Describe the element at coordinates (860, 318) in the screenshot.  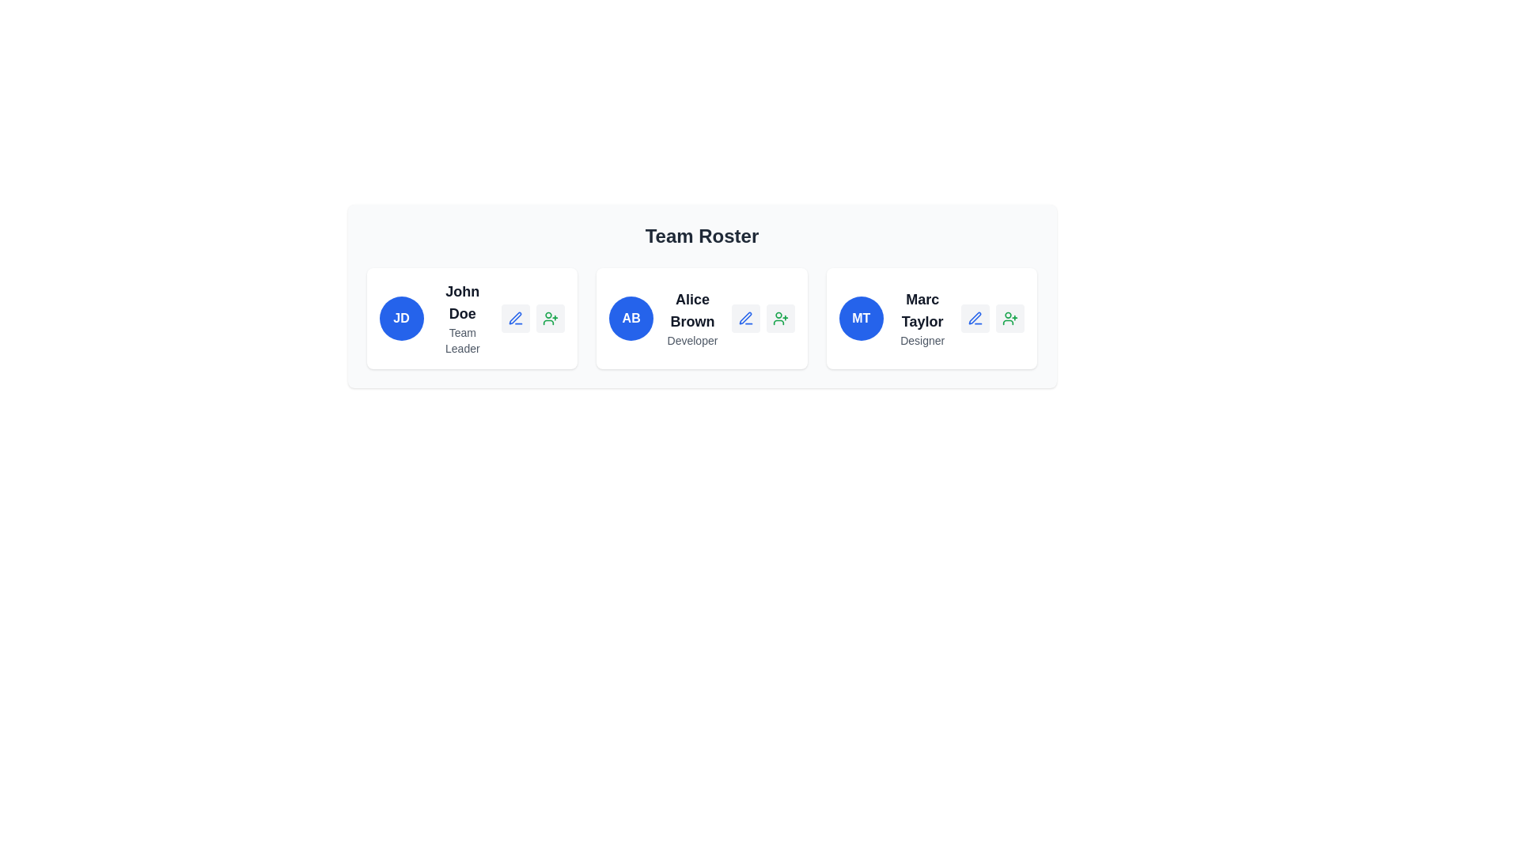
I see `the Avatar Badge for Marc Taylor, which visually represents his initials and is located to the left of the text 'Marc Taylor' and 'Designer' within the rightmost card of three cards` at that location.